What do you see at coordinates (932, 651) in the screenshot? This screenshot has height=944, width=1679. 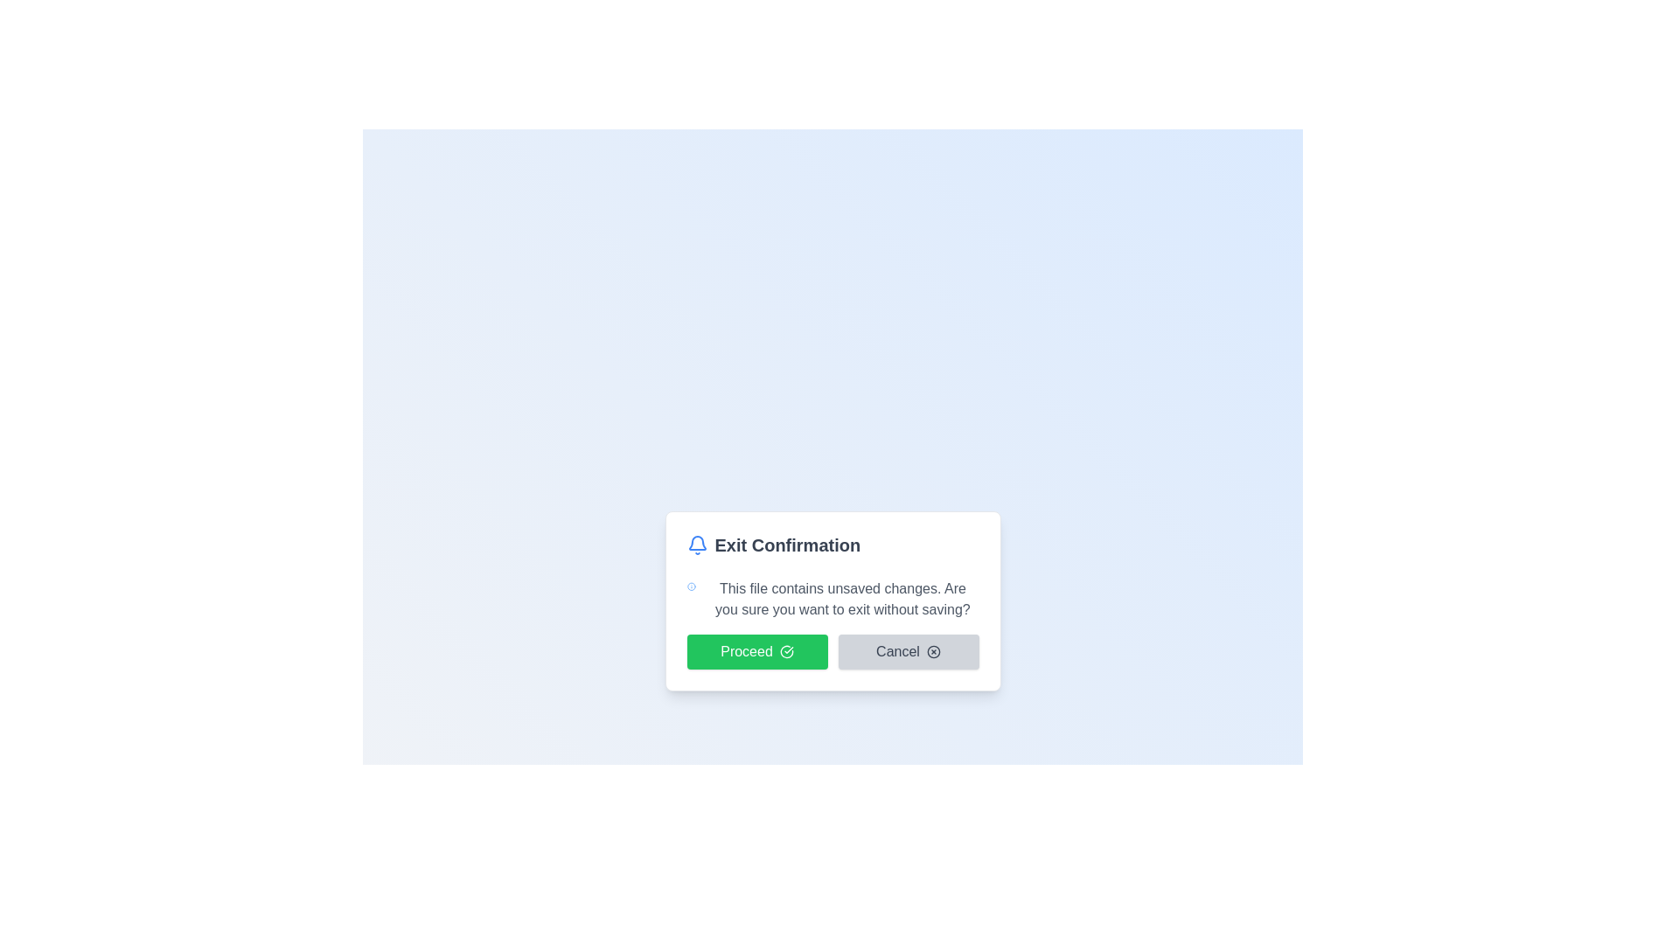 I see `the circular icon with a cross inside, which is located to the right of the 'Cancel' button's text in the modal window` at bounding box center [932, 651].